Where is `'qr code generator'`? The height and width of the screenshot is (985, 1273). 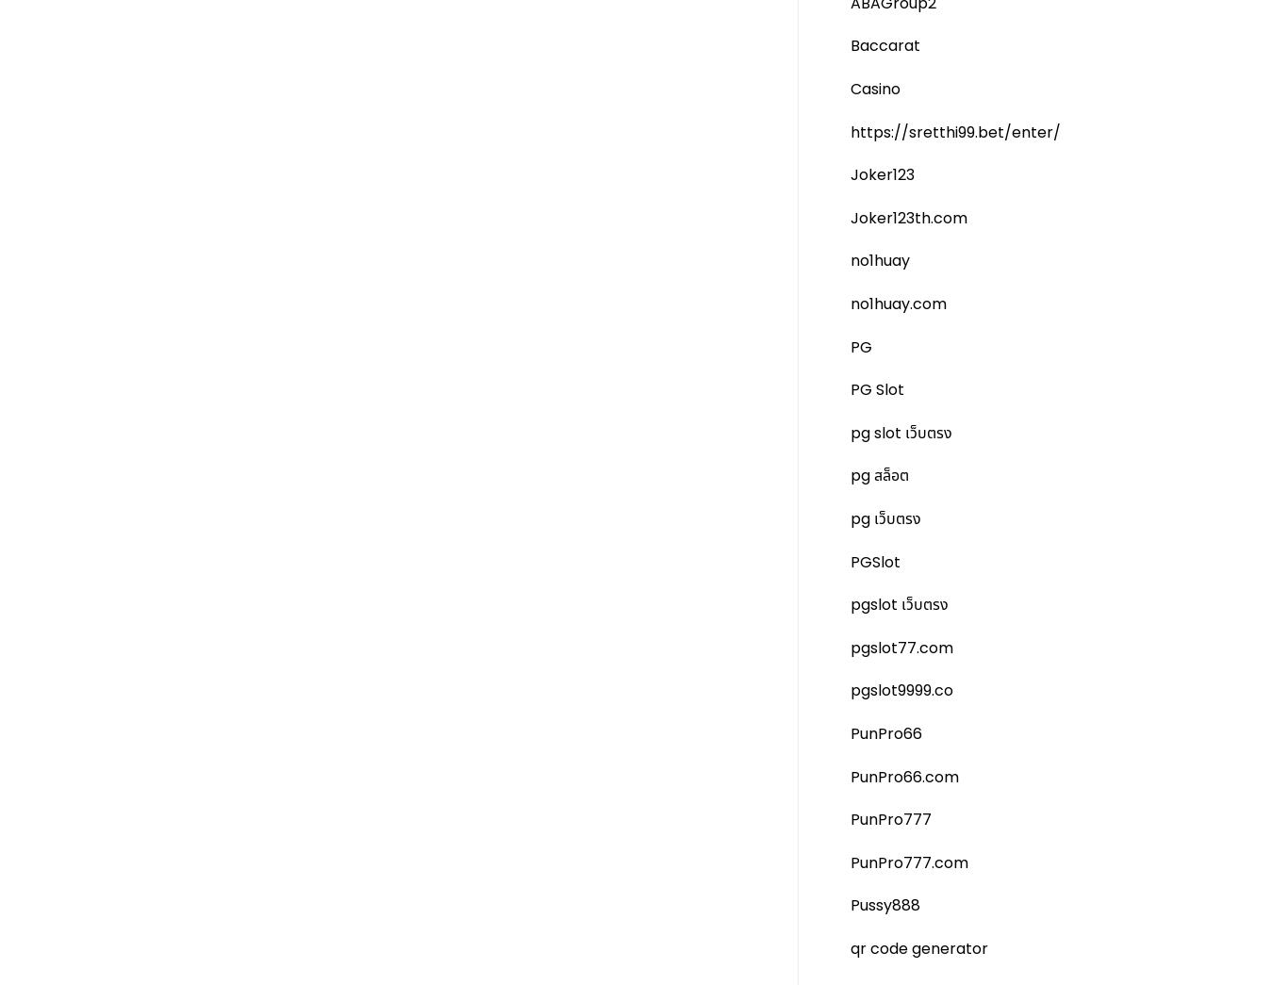 'qr code generator' is located at coordinates (849, 947).